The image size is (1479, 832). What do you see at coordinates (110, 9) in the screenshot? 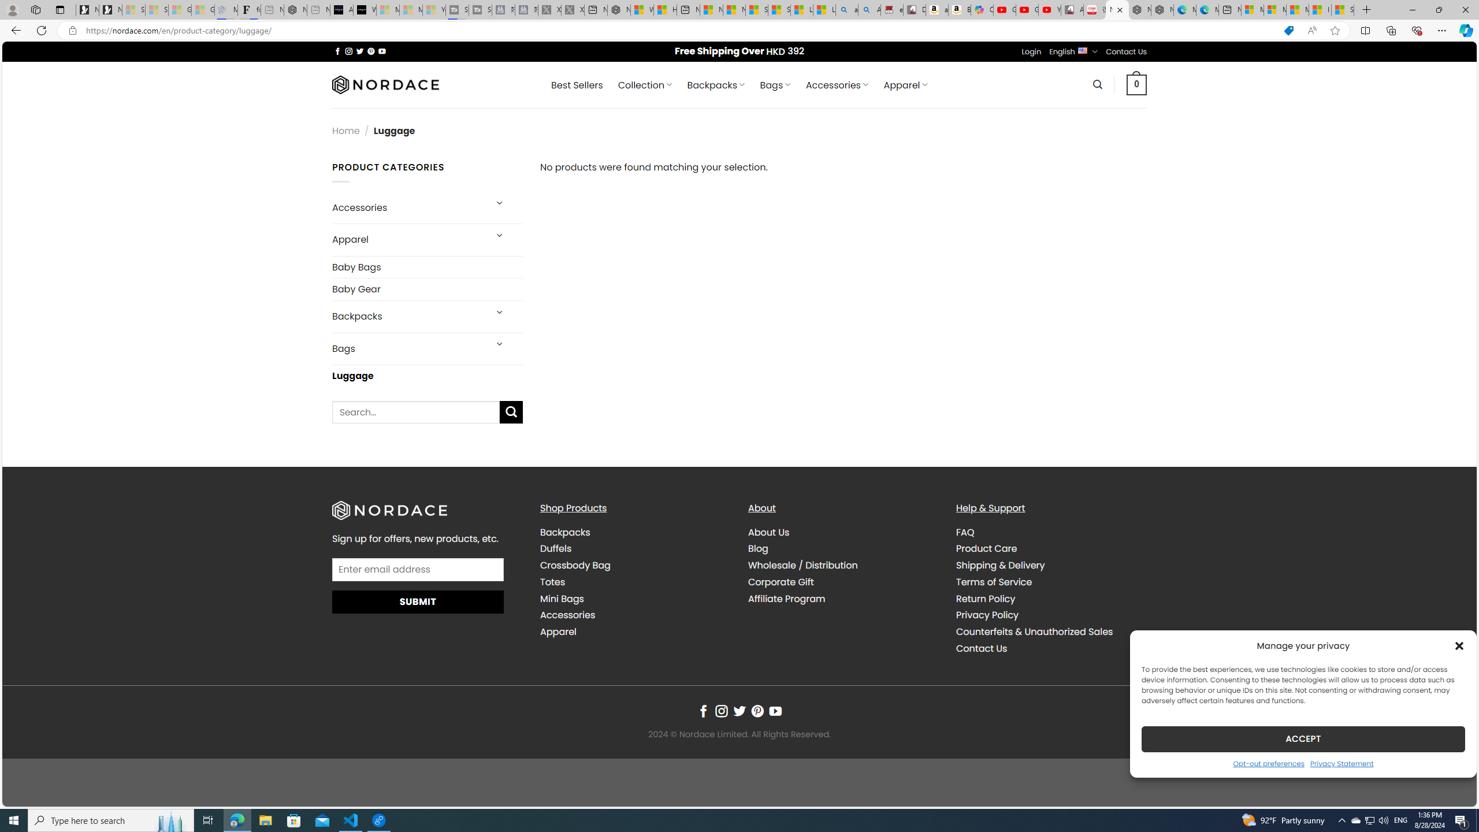
I see `'Newsletter Sign Up'` at bounding box center [110, 9].